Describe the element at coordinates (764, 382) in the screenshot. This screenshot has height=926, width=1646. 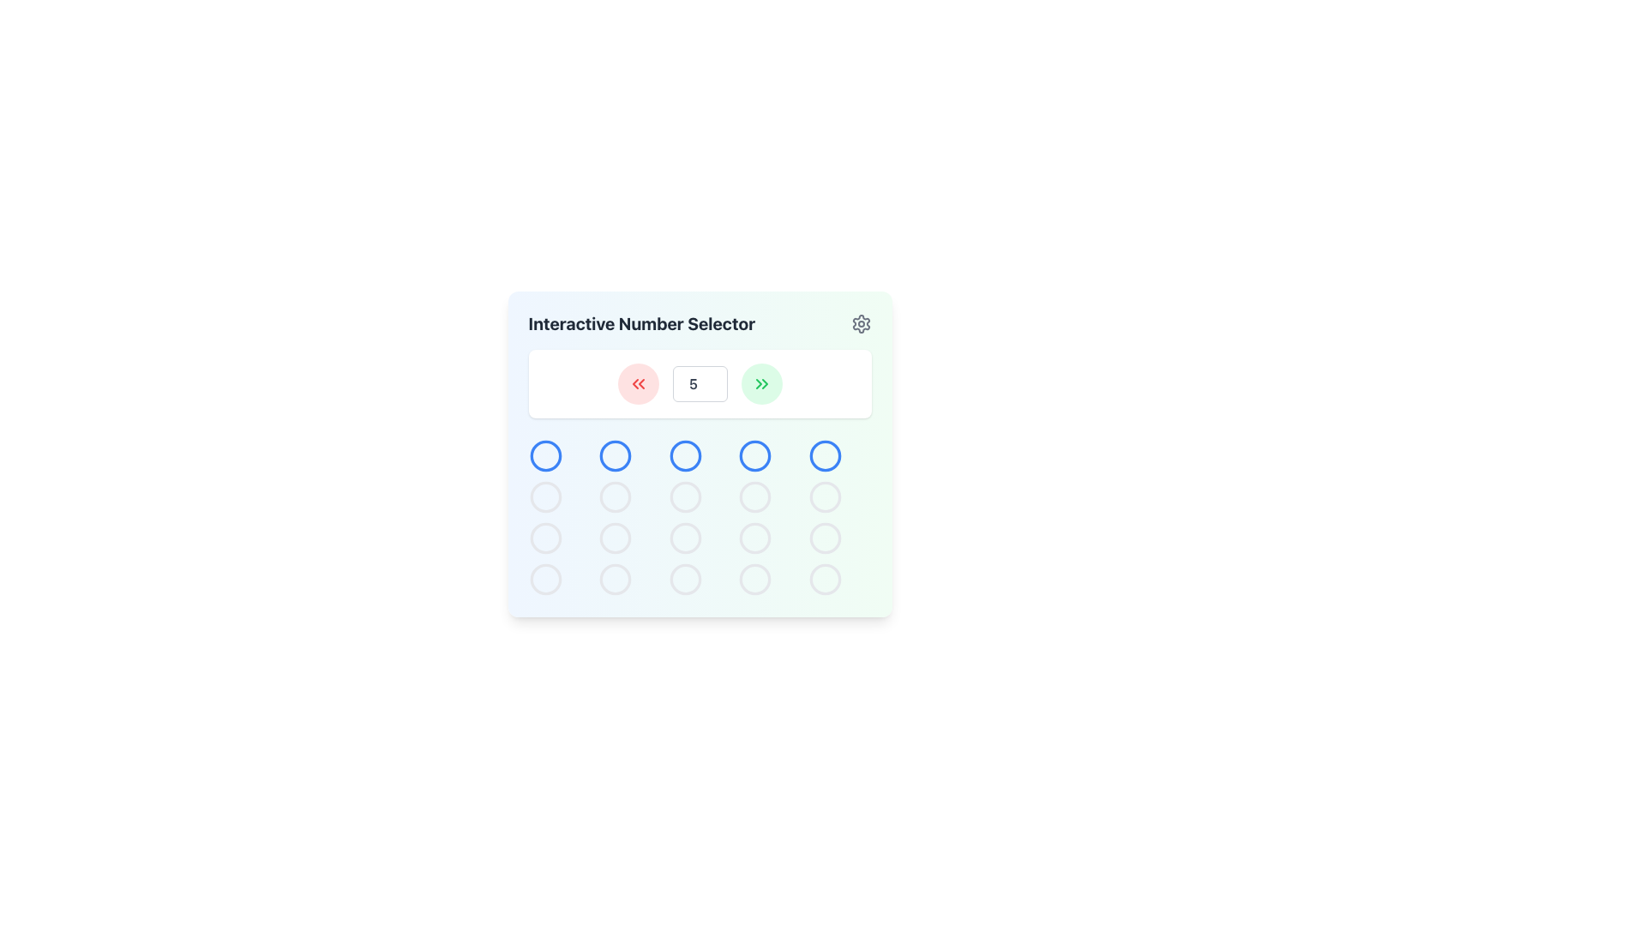
I see `the rightward chevron arrow used for navigation located next to the number display '5'` at that location.